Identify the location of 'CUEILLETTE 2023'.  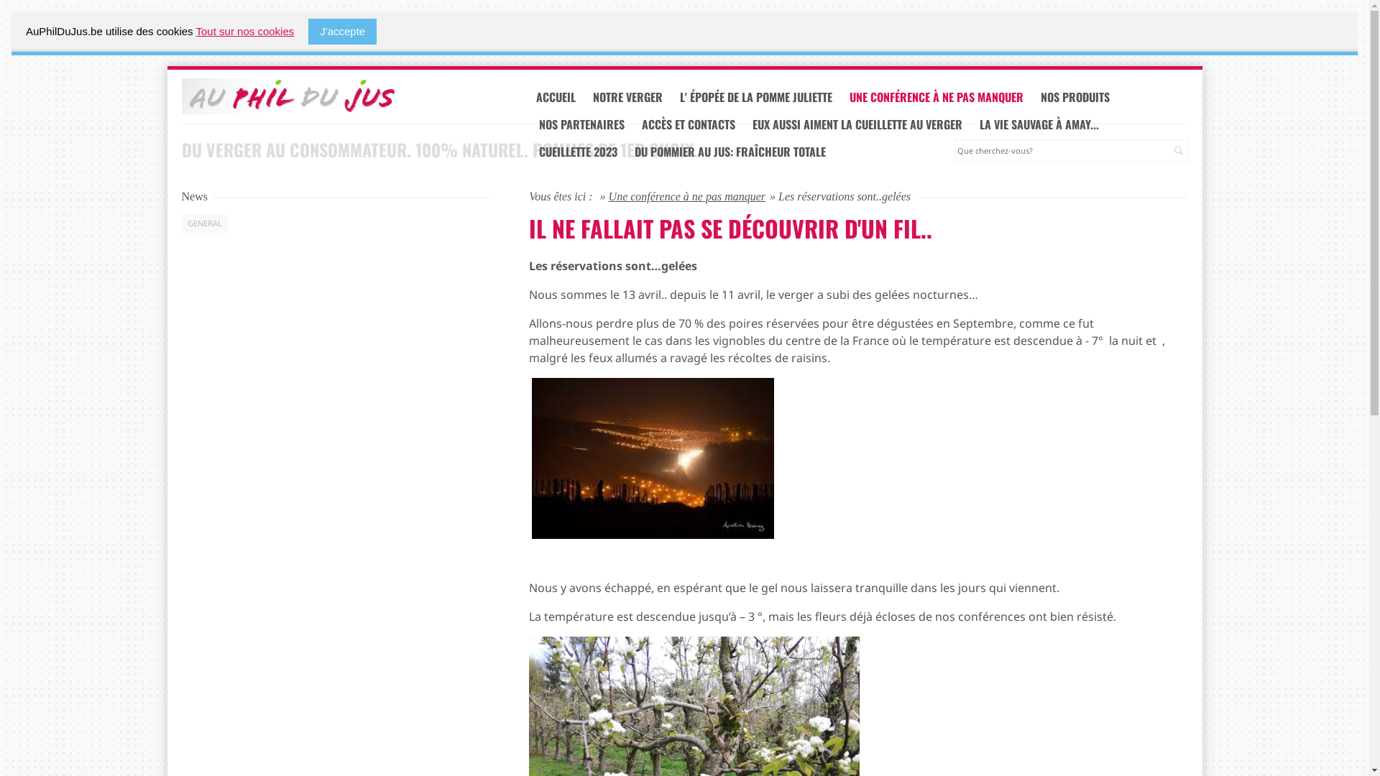
(576, 152).